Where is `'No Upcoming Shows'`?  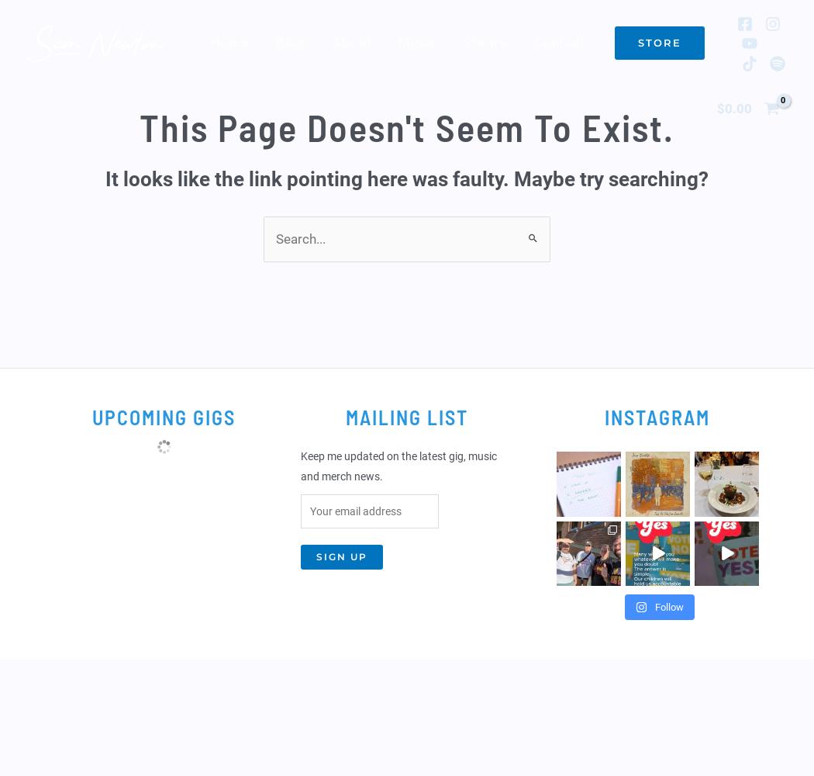
'No Upcoming Shows' is located at coordinates (163, 473).